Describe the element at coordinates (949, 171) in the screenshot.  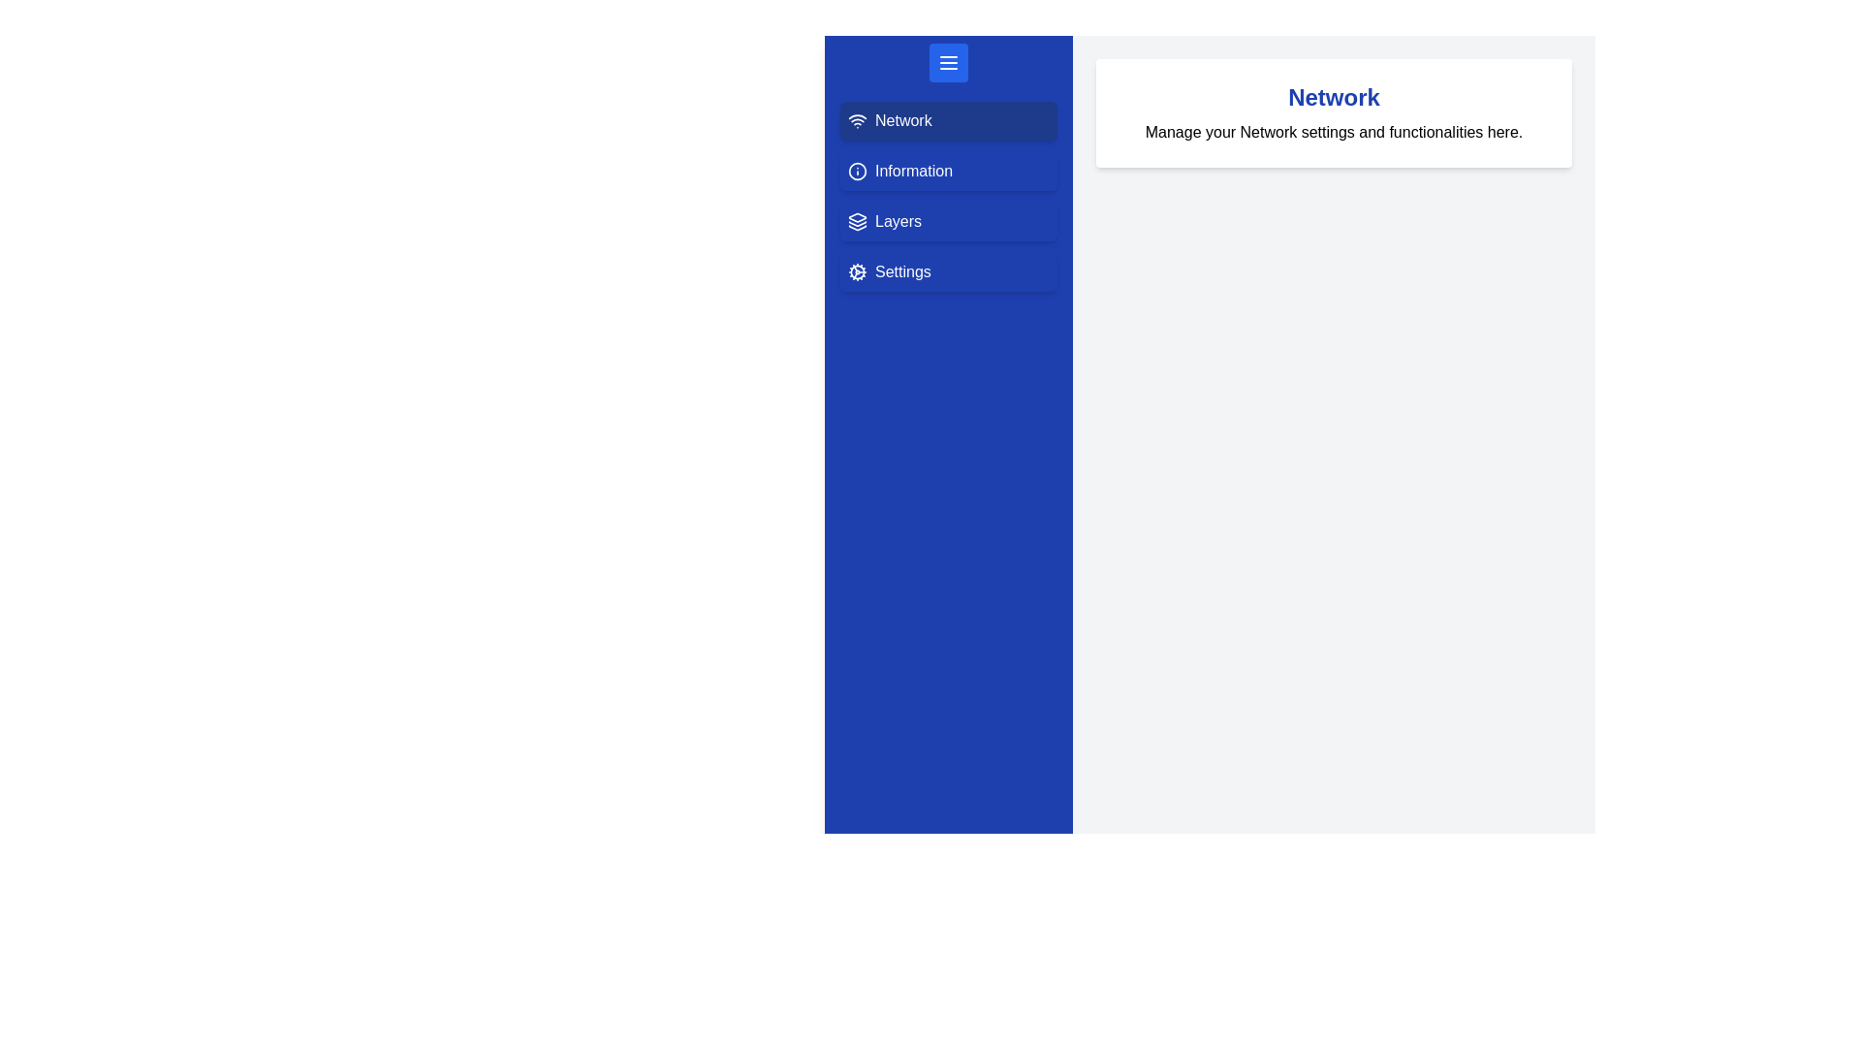
I see `the menu option Information from the drawer` at that location.